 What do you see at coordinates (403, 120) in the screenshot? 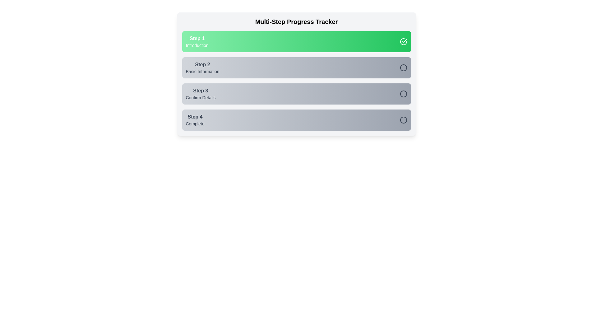
I see `the circular toggle button outlined in gray located in the lower-right corner of the fourth step's box` at bounding box center [403, 120].